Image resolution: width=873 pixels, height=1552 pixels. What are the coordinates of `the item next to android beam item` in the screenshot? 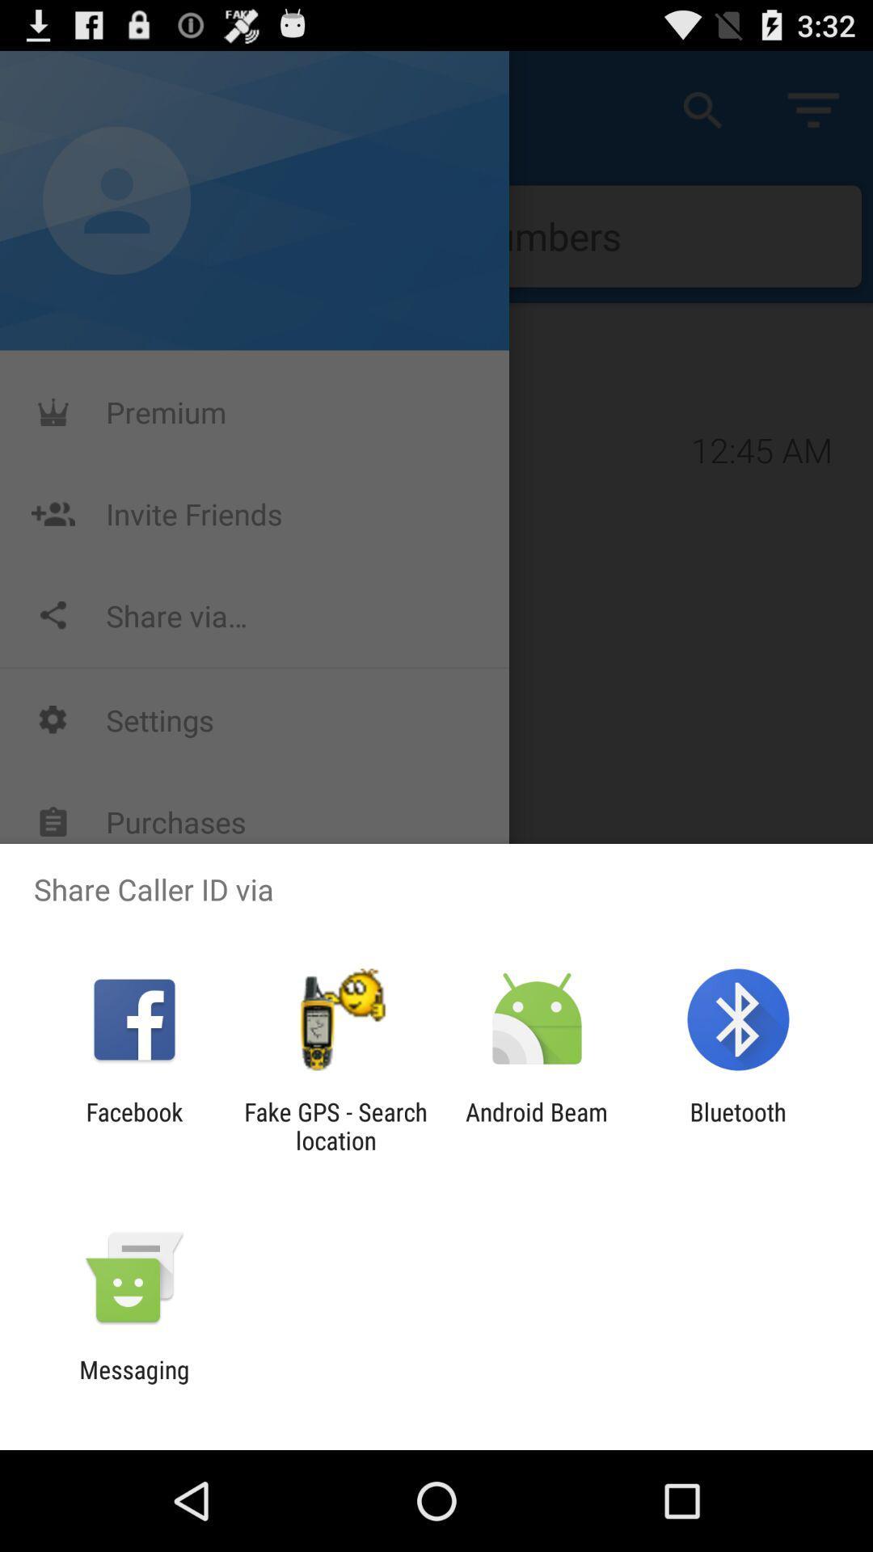 It's located at (738, 1125).